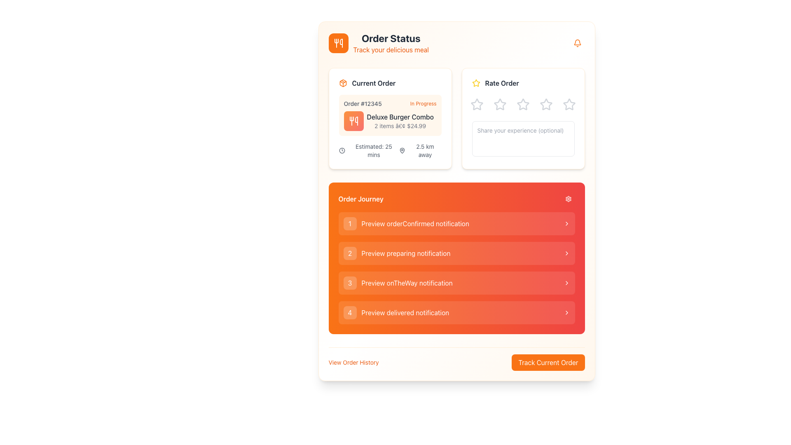 The image size is (791, 445). Describe the element at coordinates (477, 104) in the screenshot. I see `the first unselected Rating Star icon, which is a light gray star in the 'Rate Order' section` at that location.